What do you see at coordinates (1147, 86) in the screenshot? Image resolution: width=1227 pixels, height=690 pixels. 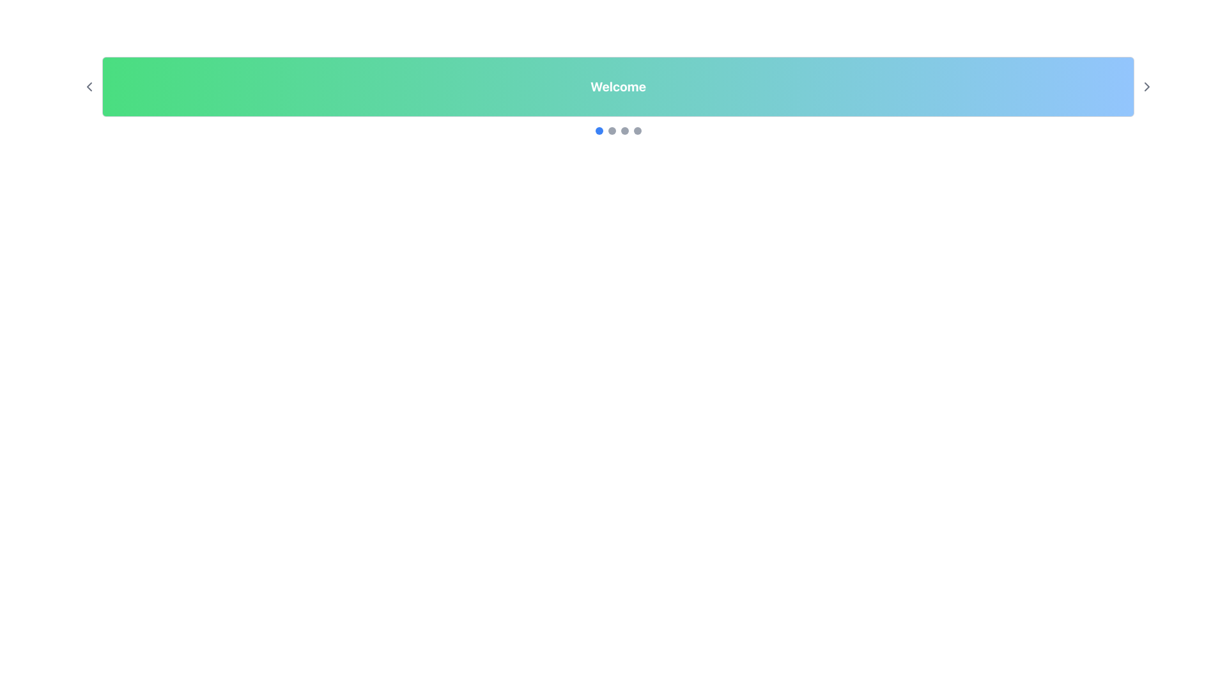 I see `the navigation button located at the far-right of the gradient banner` at bounding box center [1147, 86].